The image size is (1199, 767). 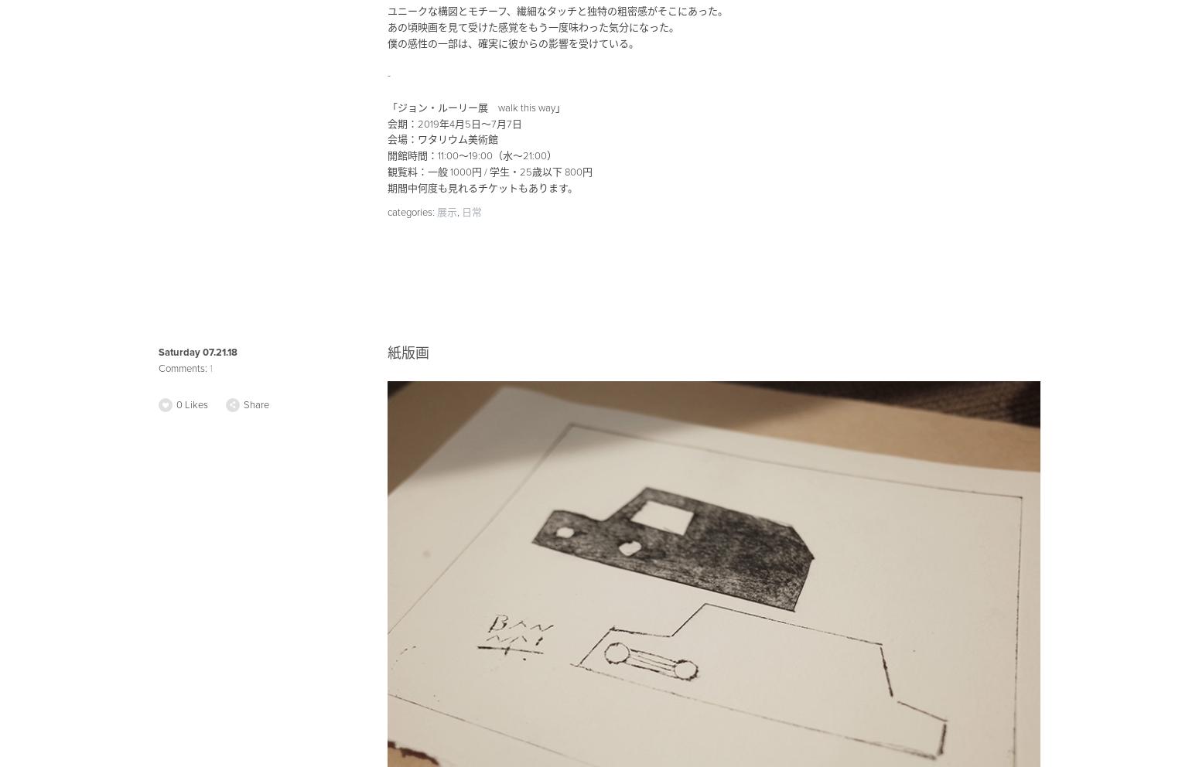 I want to click on 'Comments:', so click(x=183, y=368).